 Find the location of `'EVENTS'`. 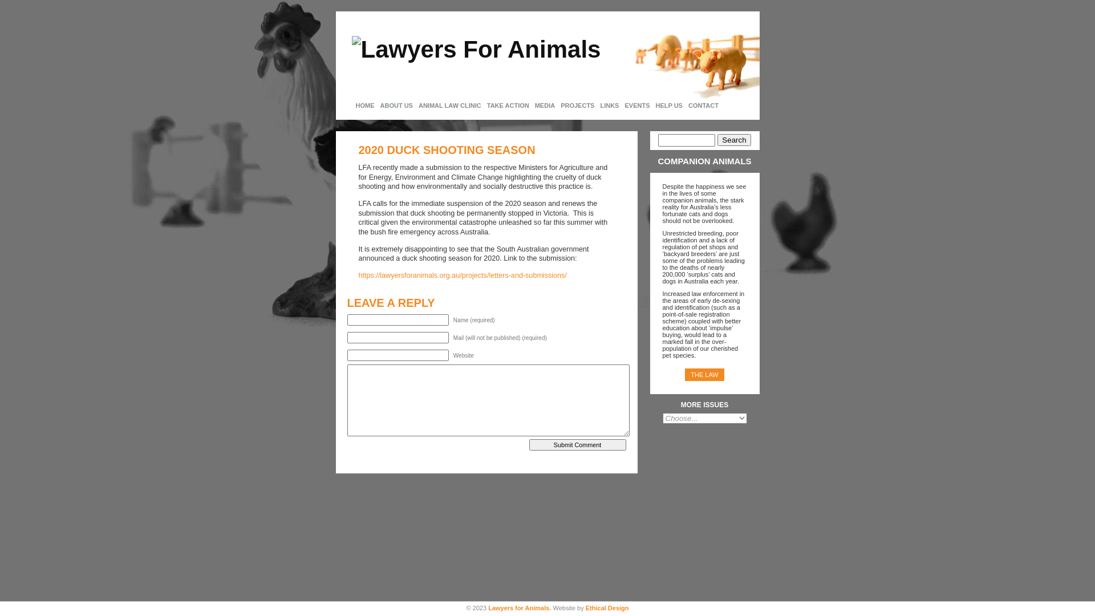

'EVENTS' is located at coordinates (620, 106).